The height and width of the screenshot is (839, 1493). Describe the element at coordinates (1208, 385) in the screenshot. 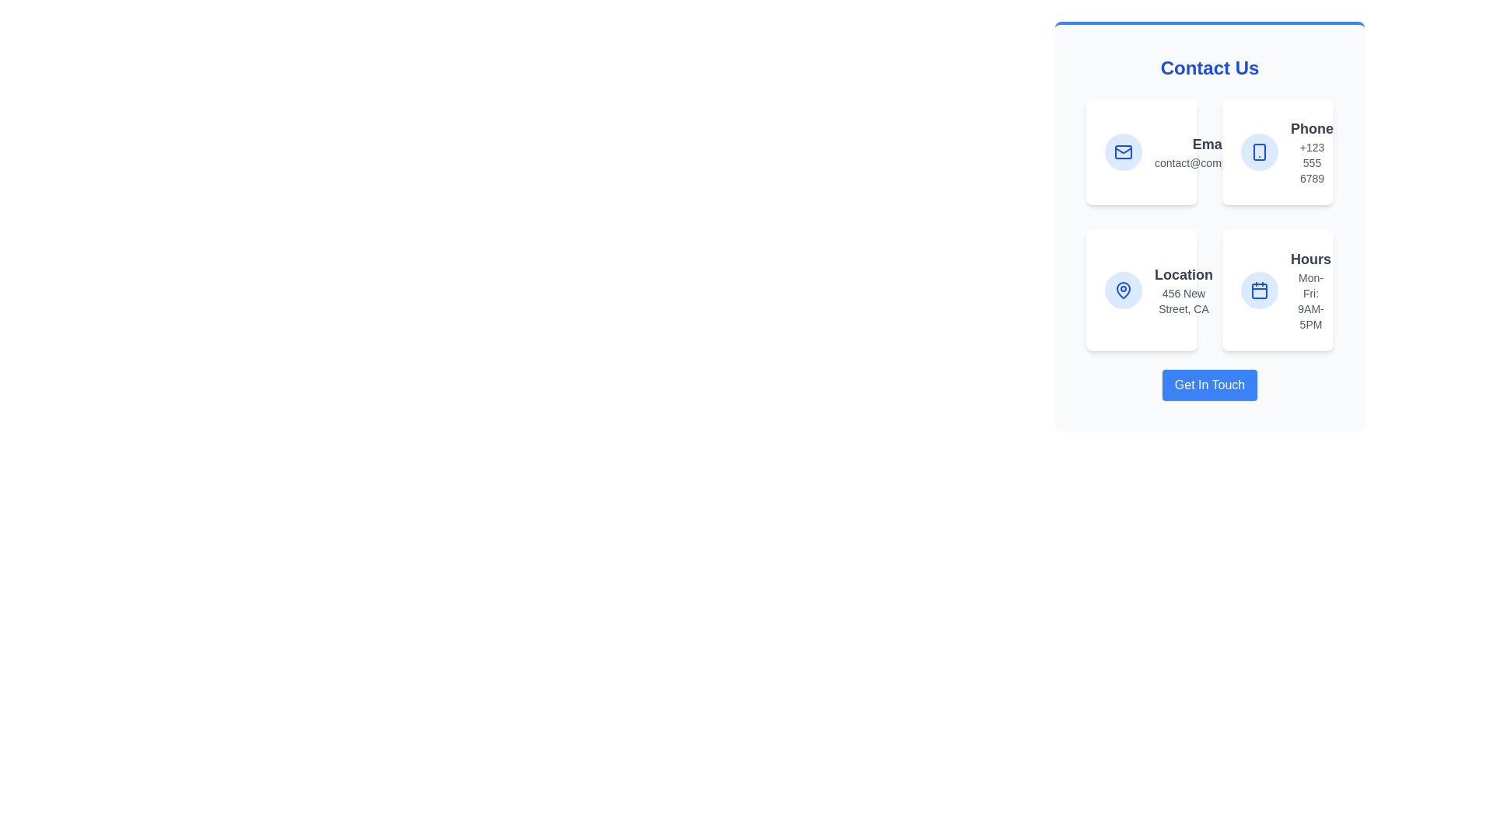

I see `the actionable button at the bottom of the contact details section to initiate the contact process` at that location.